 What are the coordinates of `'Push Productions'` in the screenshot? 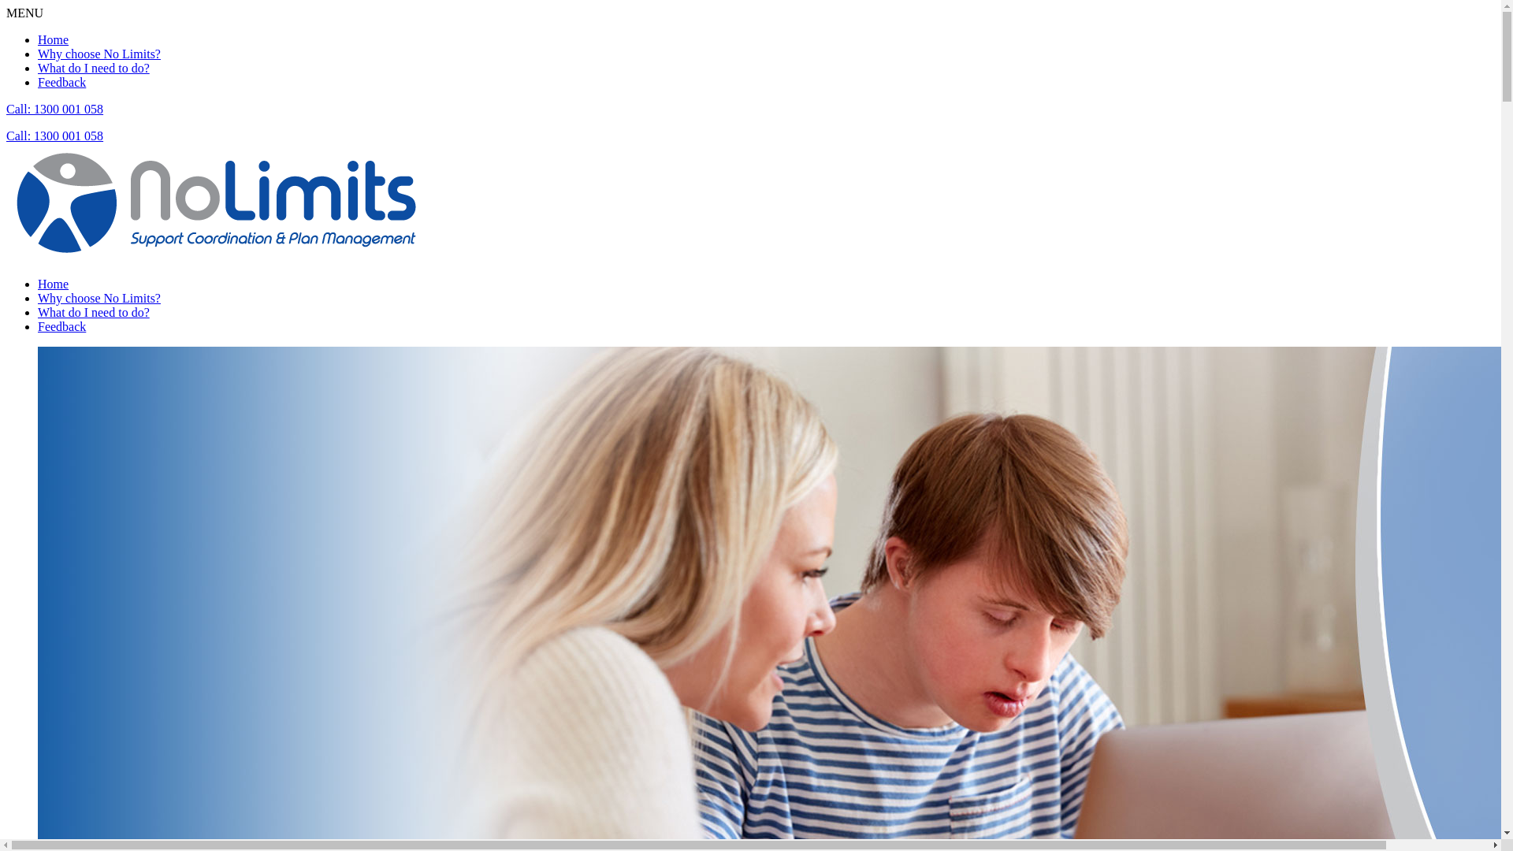 It's located at (6, 256).